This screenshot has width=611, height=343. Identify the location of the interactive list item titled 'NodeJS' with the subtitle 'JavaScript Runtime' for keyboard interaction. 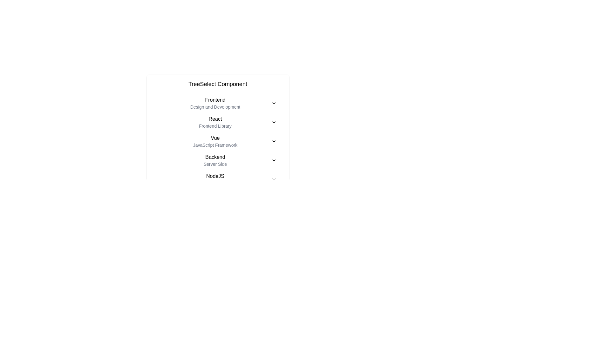
(218, 179).